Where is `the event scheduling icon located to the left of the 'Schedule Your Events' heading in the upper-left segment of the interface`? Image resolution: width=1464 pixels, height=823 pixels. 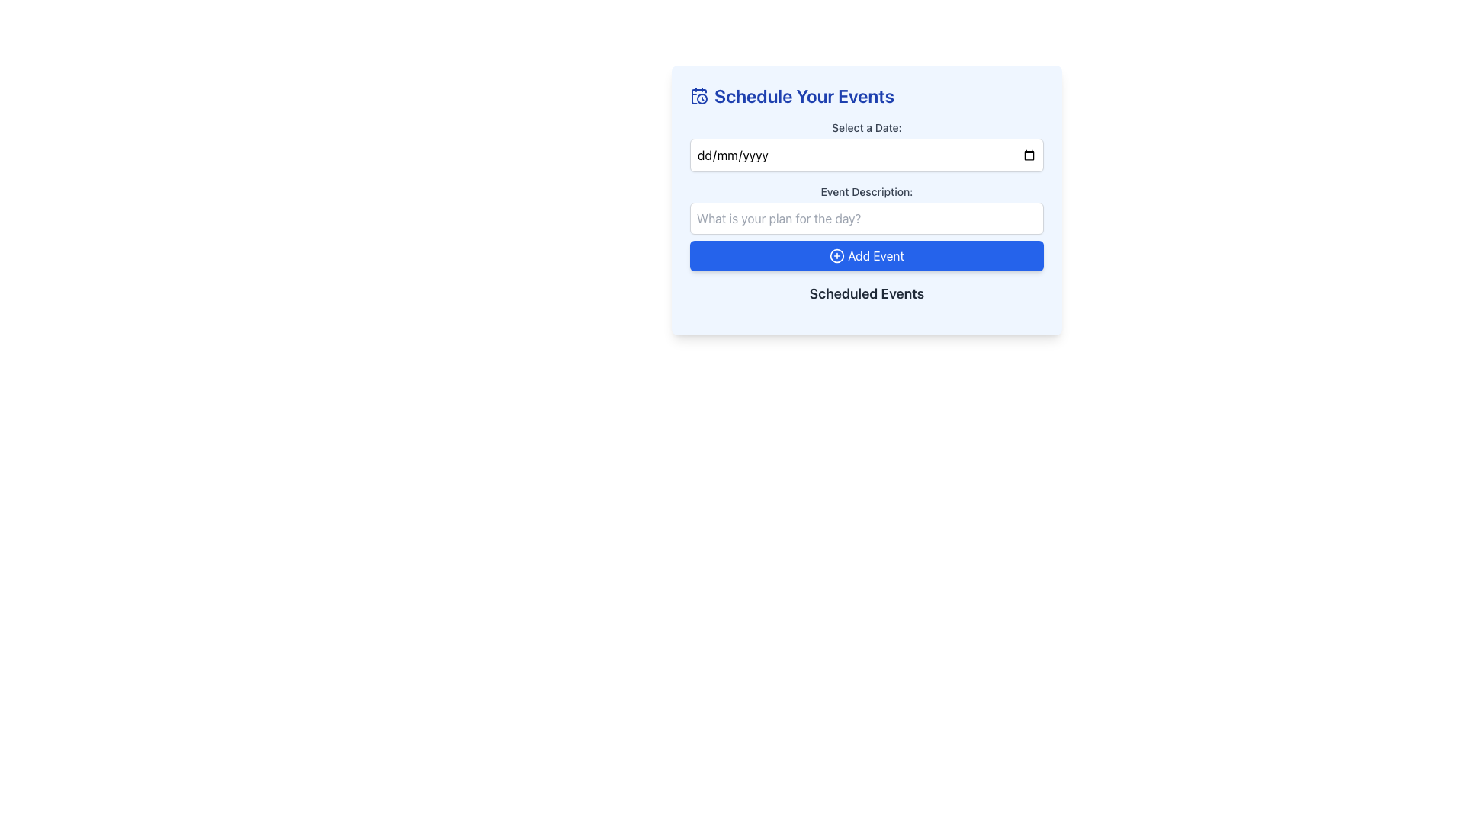 the event scheduling icon located to the left of the 'Schedule Your Events' heading in the upper-left segment of the interface is located at coordinates (698, 96).